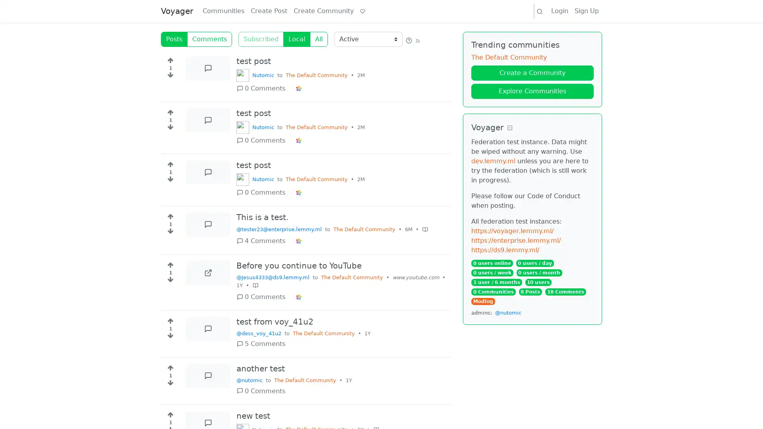 This screenshot has height=429, width=763. Describe the element at coordinates (170, 76) in the screenshot. I see `Downvote` at that location.